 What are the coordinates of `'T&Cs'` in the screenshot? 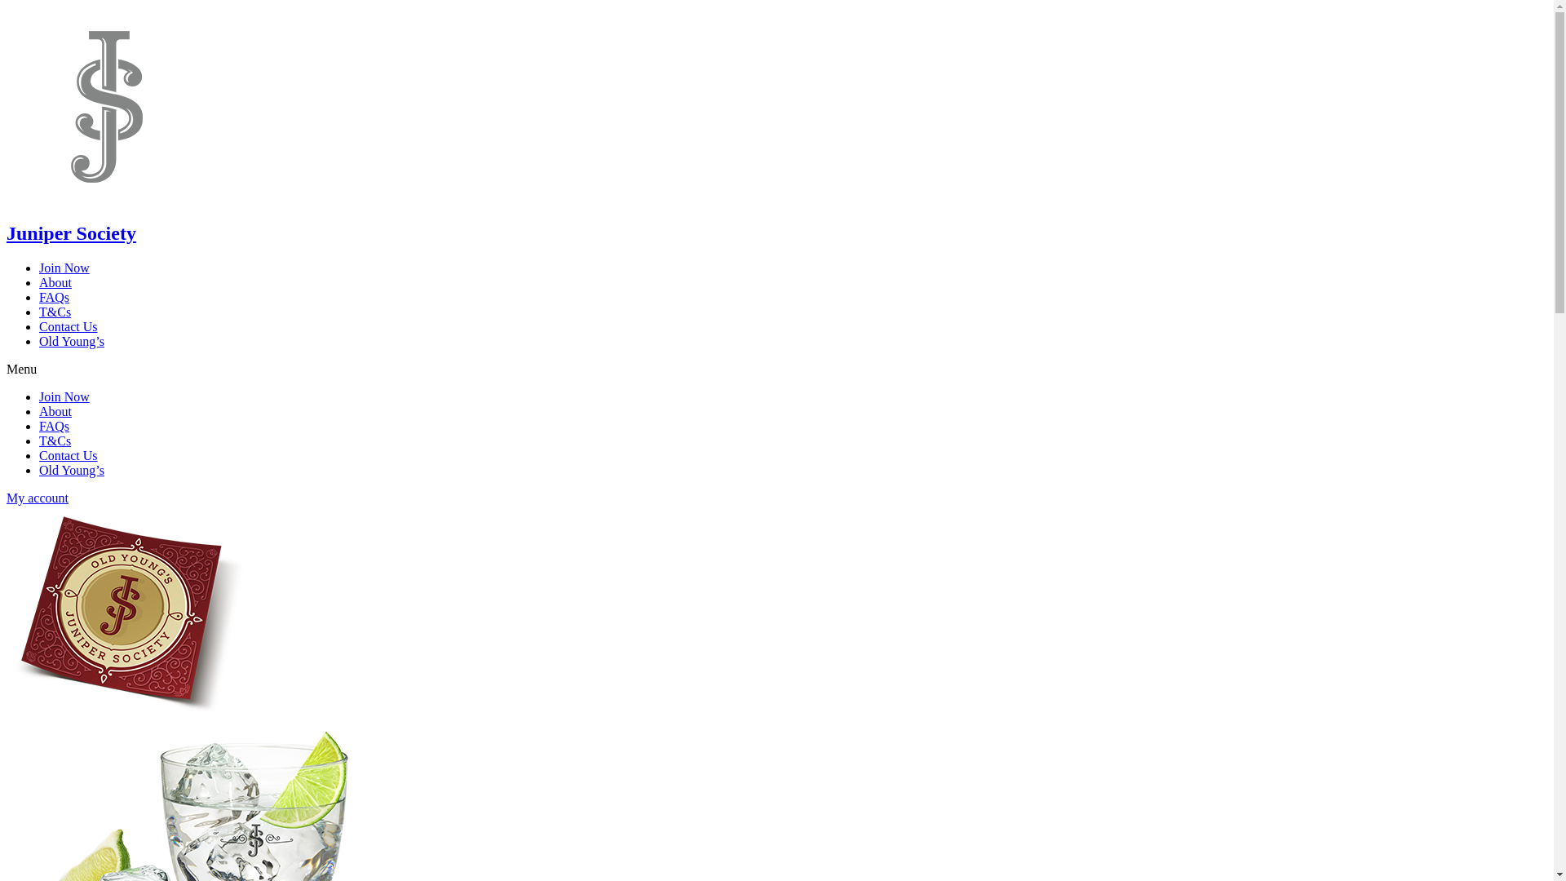 It's located at (55, 312).